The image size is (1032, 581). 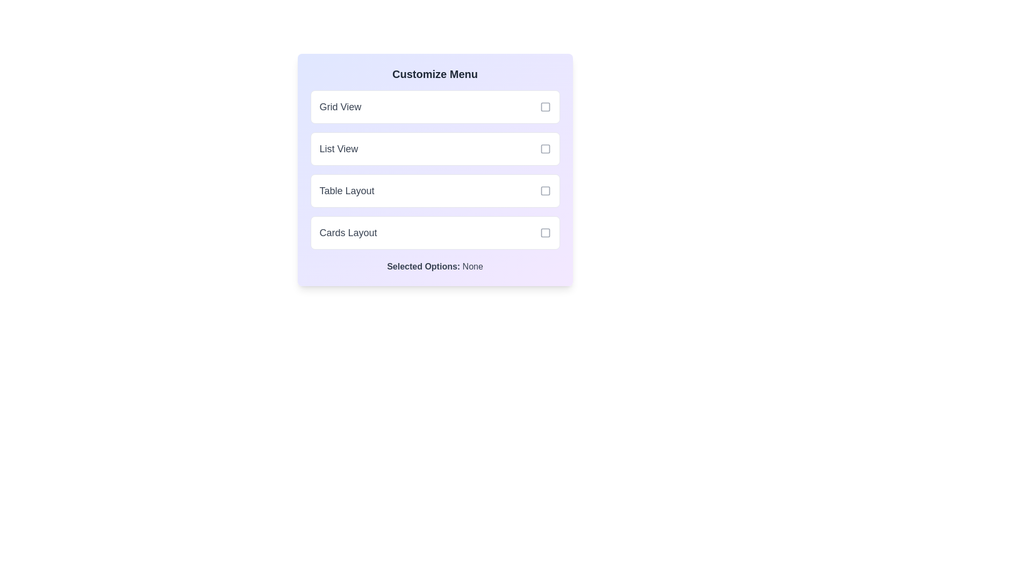 I want to click on the checkbox, so click(x=545, y=190).